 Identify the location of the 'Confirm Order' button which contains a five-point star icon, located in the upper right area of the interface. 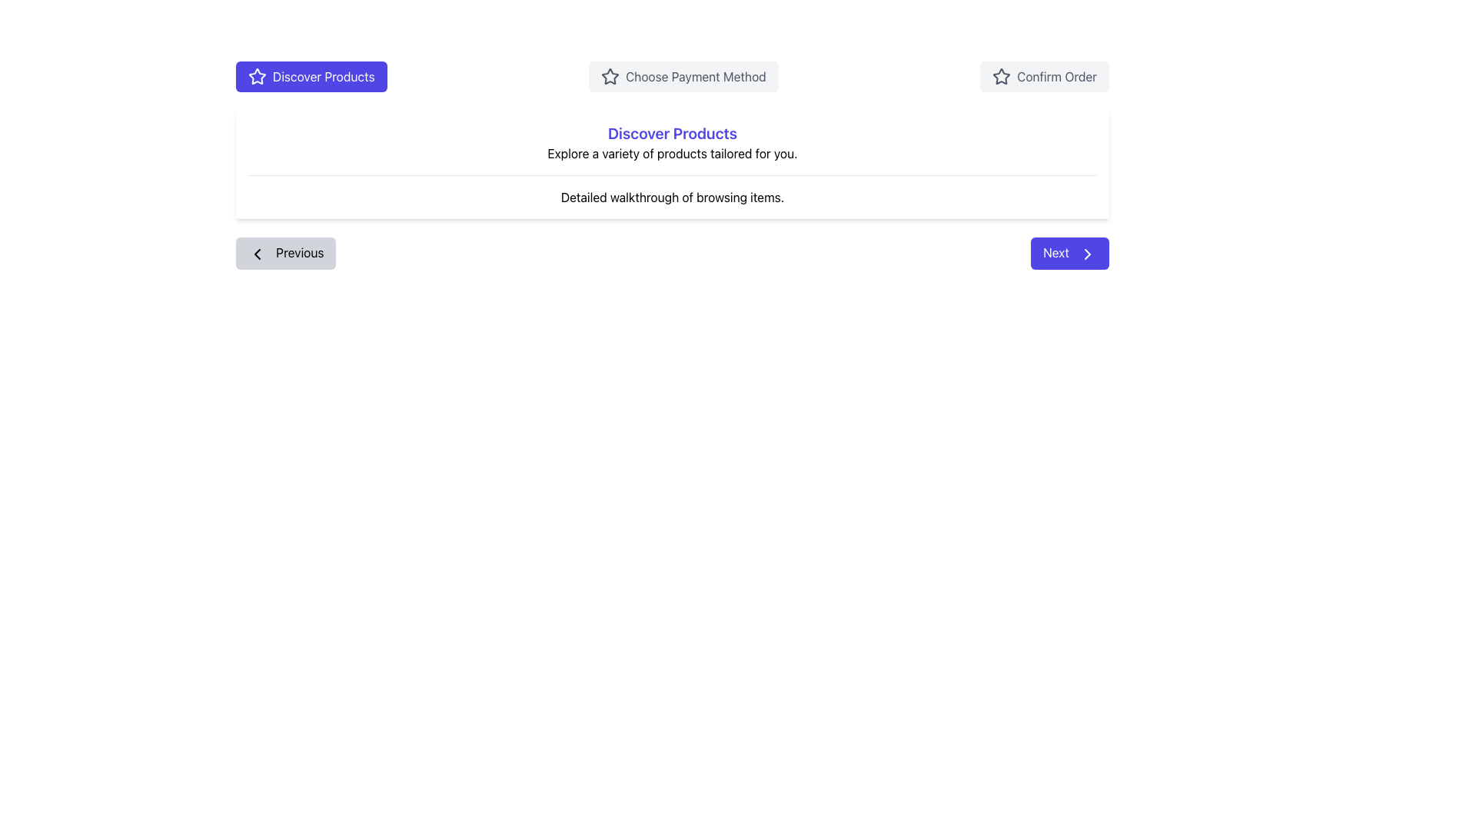
(1002, 76).